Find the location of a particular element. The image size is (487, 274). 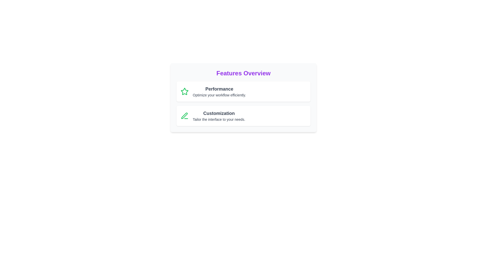

the green pen icon within the 'Customization' option of the feature list, which is located below the 'Performance' option is located at coordinates (184, 116).